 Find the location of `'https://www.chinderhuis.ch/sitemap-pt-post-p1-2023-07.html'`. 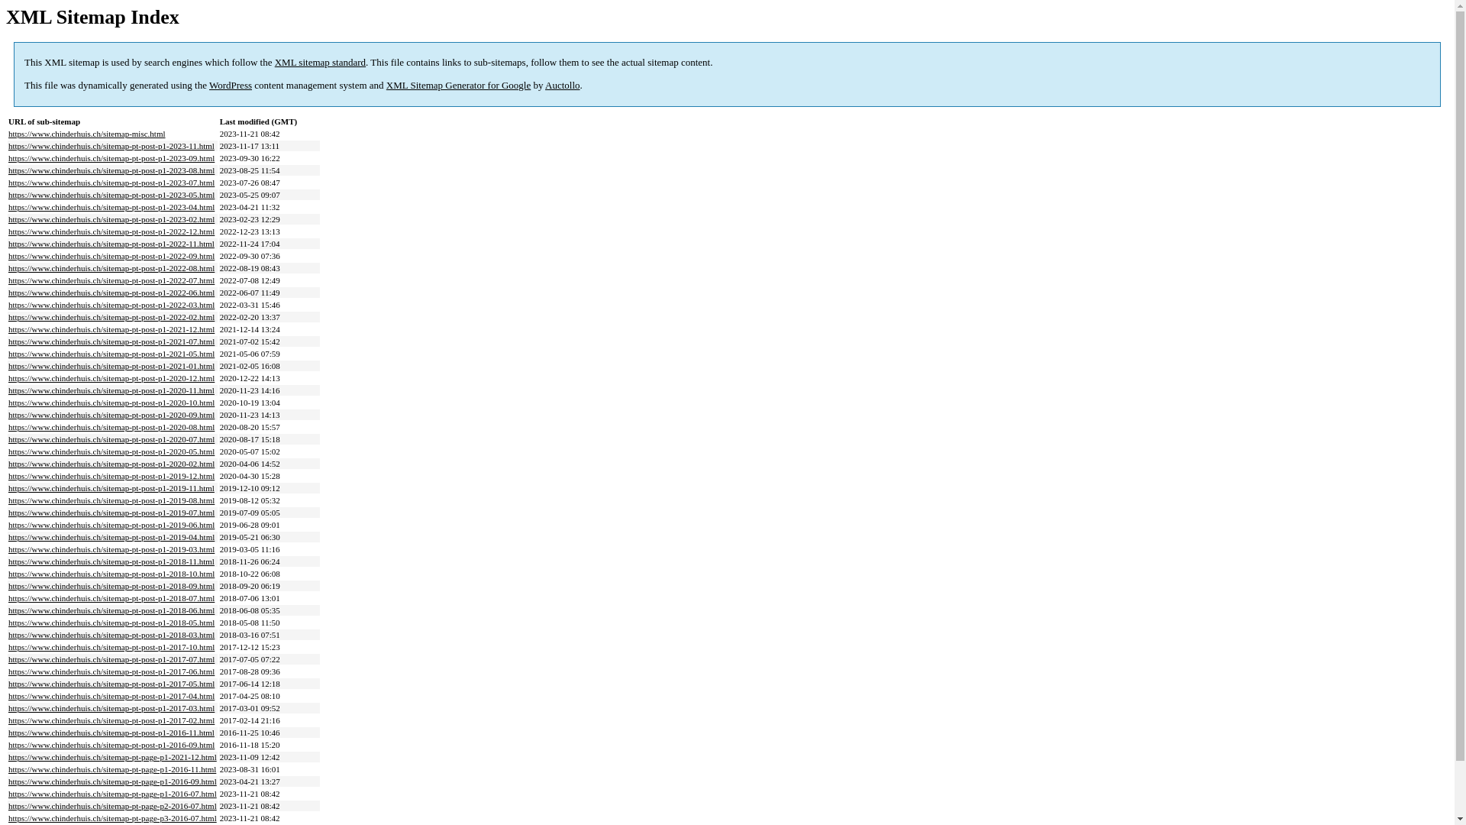

'https://www.chinderhuis.ch/sitemap-pt-post-p1-2023-07.html' is located at coordinates (110, 182).